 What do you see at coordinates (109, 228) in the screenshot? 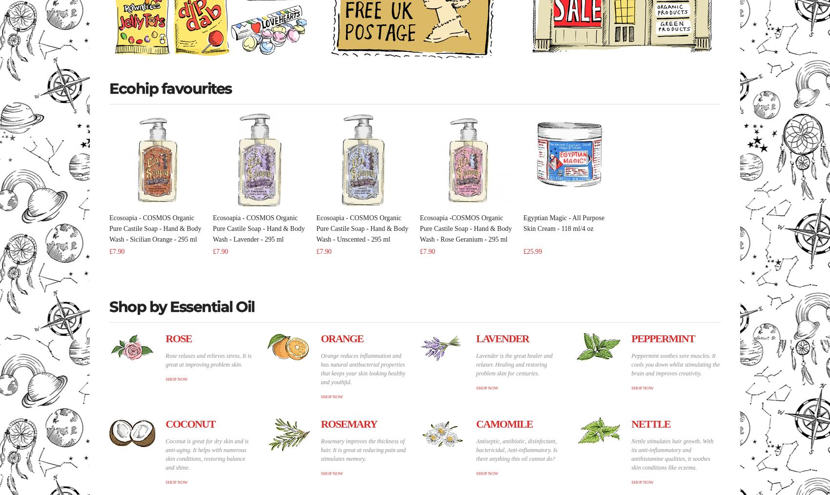
I see `'Ecosoapia - COSMOS Organic Pure Castile Soap - Hand & Body Wash - Sicilian Orange - 295 ml'` at bounding box center [109, 228].